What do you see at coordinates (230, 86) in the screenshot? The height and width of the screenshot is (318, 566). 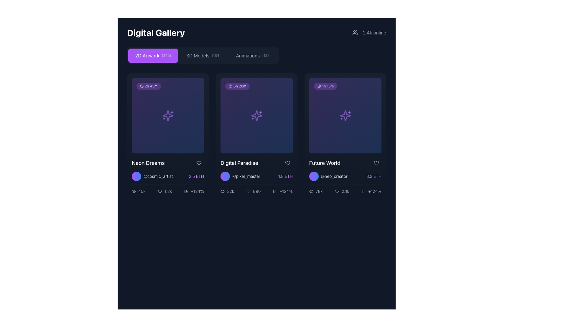 I see `the circular outline of the clock icon located in the top-left section of the 'Digital Paradise' card` at bounding box center [230, 86].